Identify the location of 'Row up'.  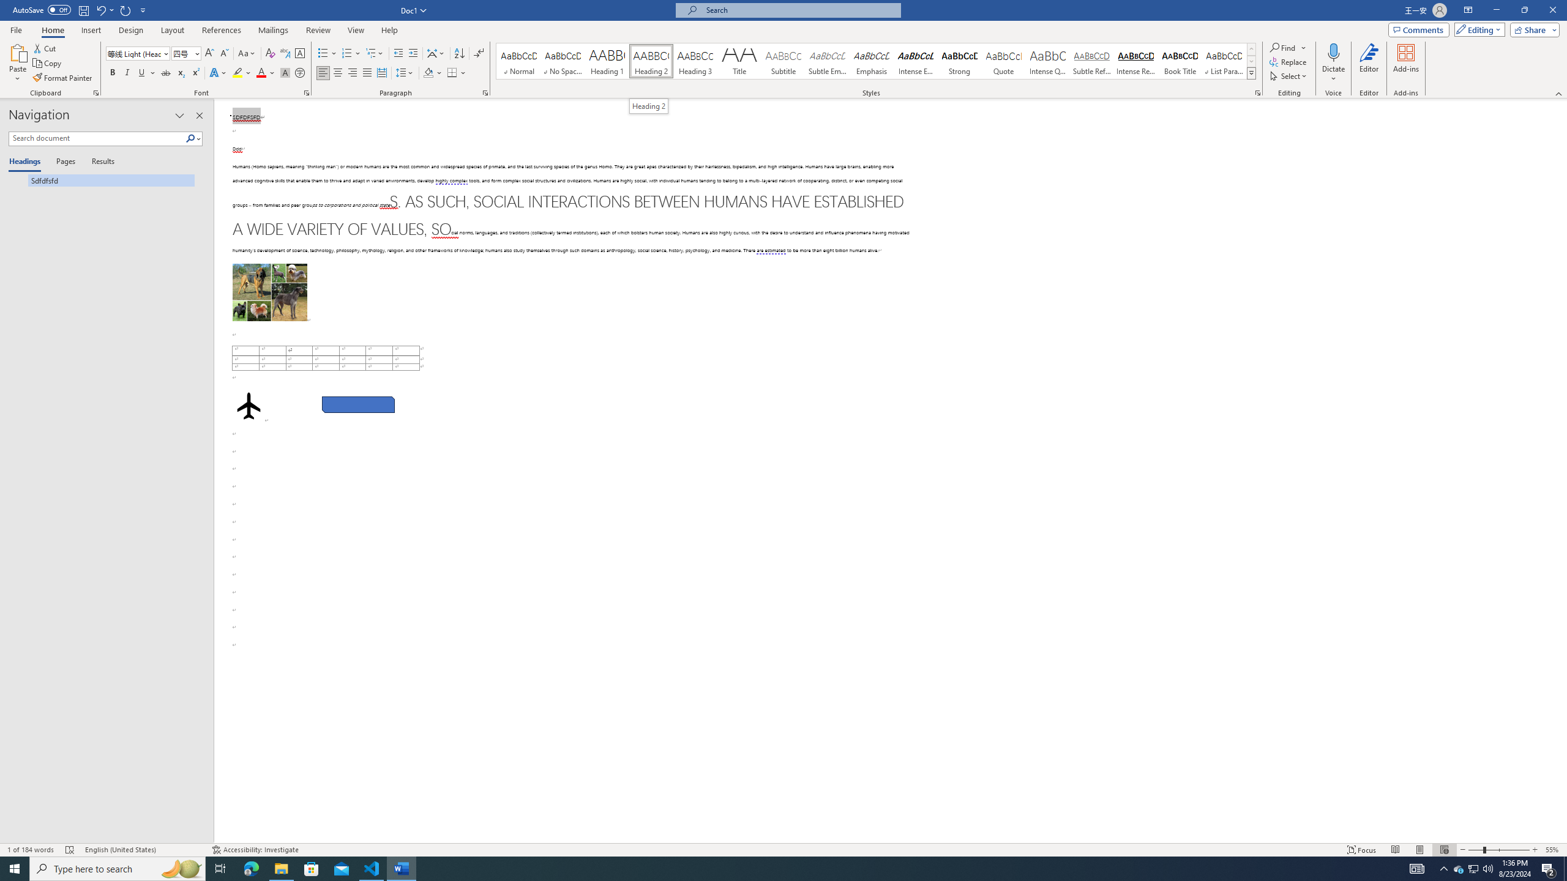
(1252, 49).